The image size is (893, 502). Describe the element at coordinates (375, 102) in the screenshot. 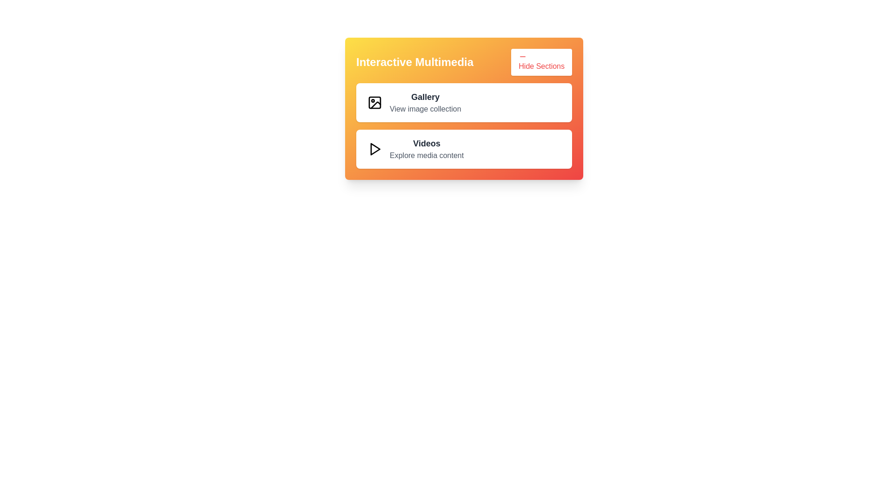

I see `the icon element located to the left of the 'Gallery' text within the 'Interactive Multimedia' card, which is a rectangular shape with slightly rounded corners and a size of 18x18 pixels` at that location.